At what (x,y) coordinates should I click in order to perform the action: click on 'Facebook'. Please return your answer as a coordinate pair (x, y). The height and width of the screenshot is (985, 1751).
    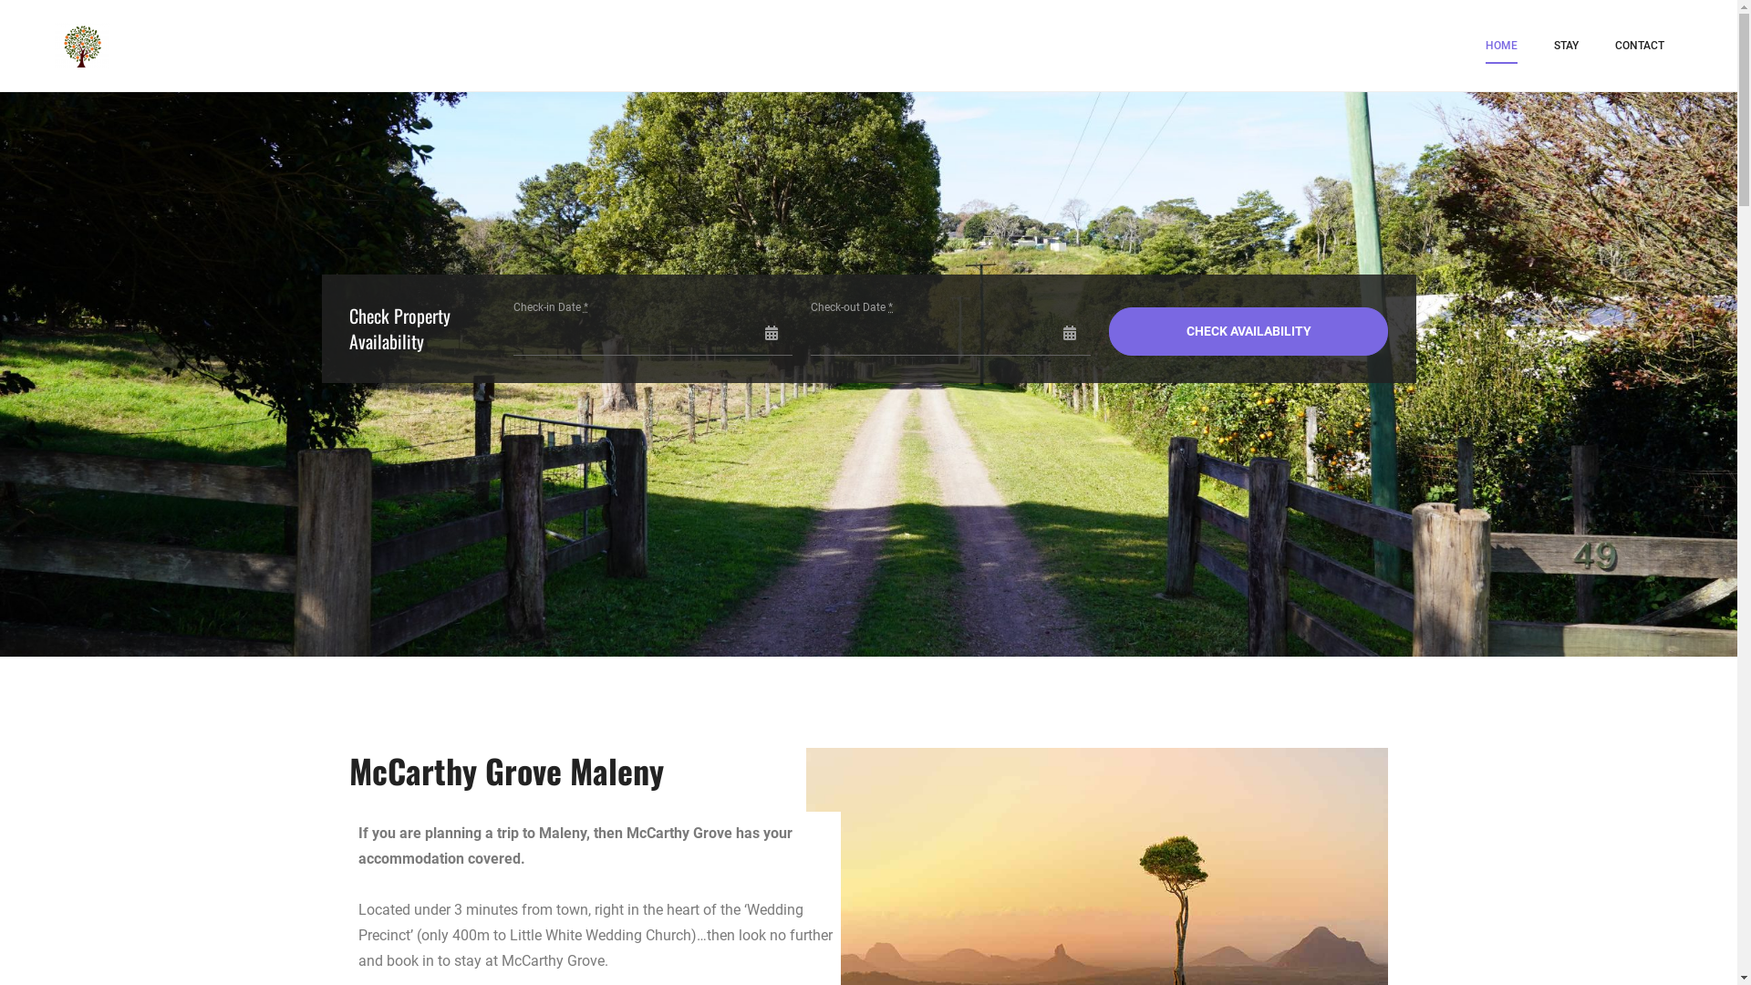
    Looking at the image, I should click on (829, 749).